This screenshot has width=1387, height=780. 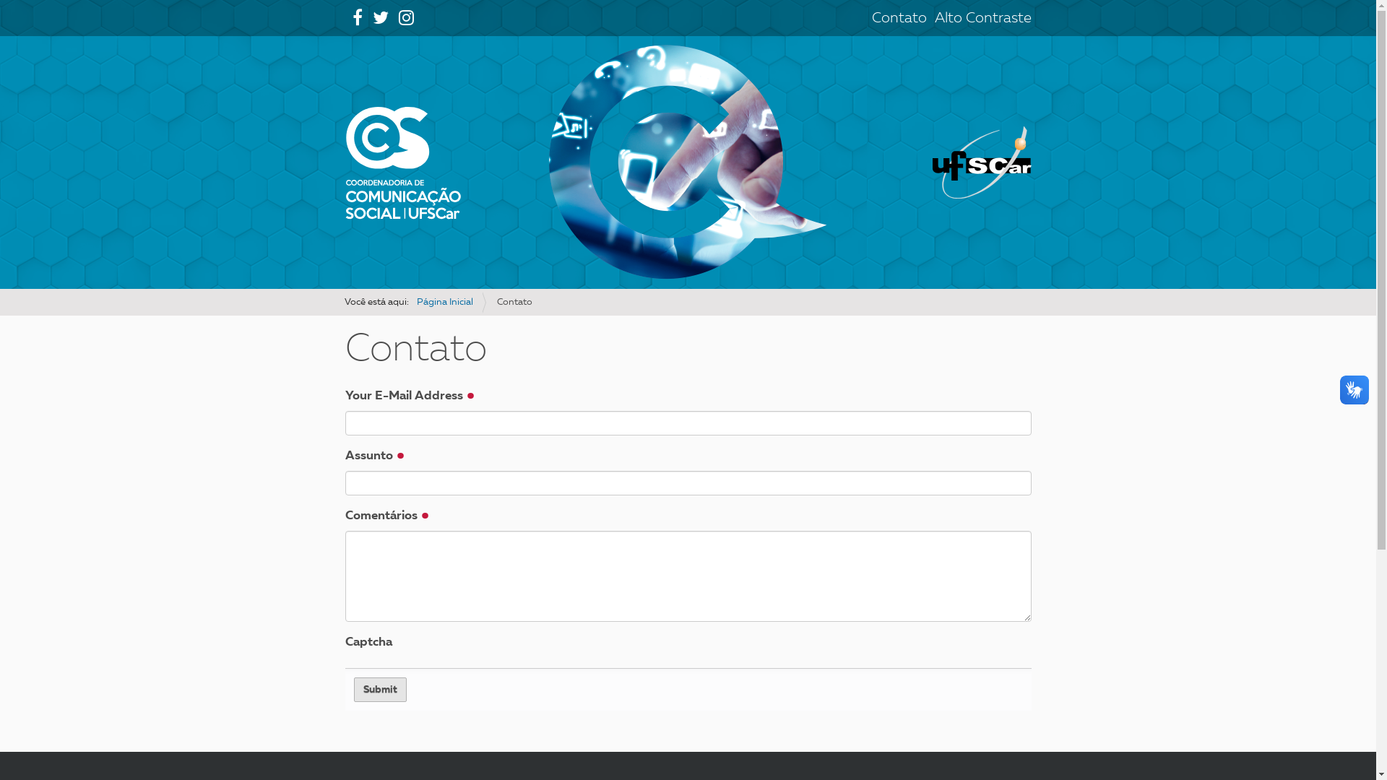 I want to click on 'Submit', so click(x=353, y=689).